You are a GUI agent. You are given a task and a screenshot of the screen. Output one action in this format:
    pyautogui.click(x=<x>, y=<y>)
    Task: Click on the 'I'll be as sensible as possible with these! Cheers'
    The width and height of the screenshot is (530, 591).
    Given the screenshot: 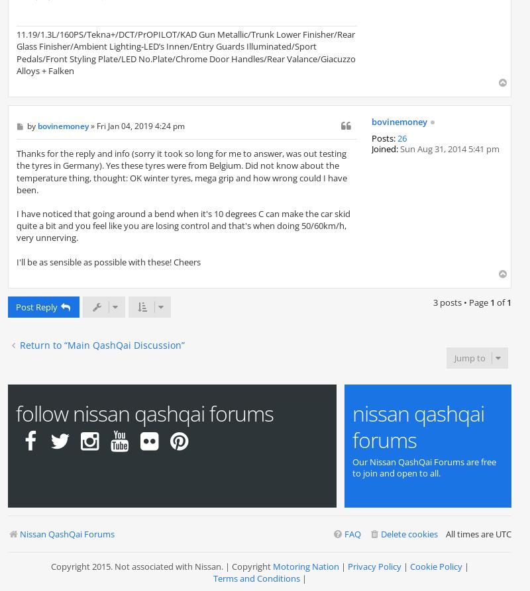 What is the action you would take?
    pyautogui.click(x=109, y=261)
    